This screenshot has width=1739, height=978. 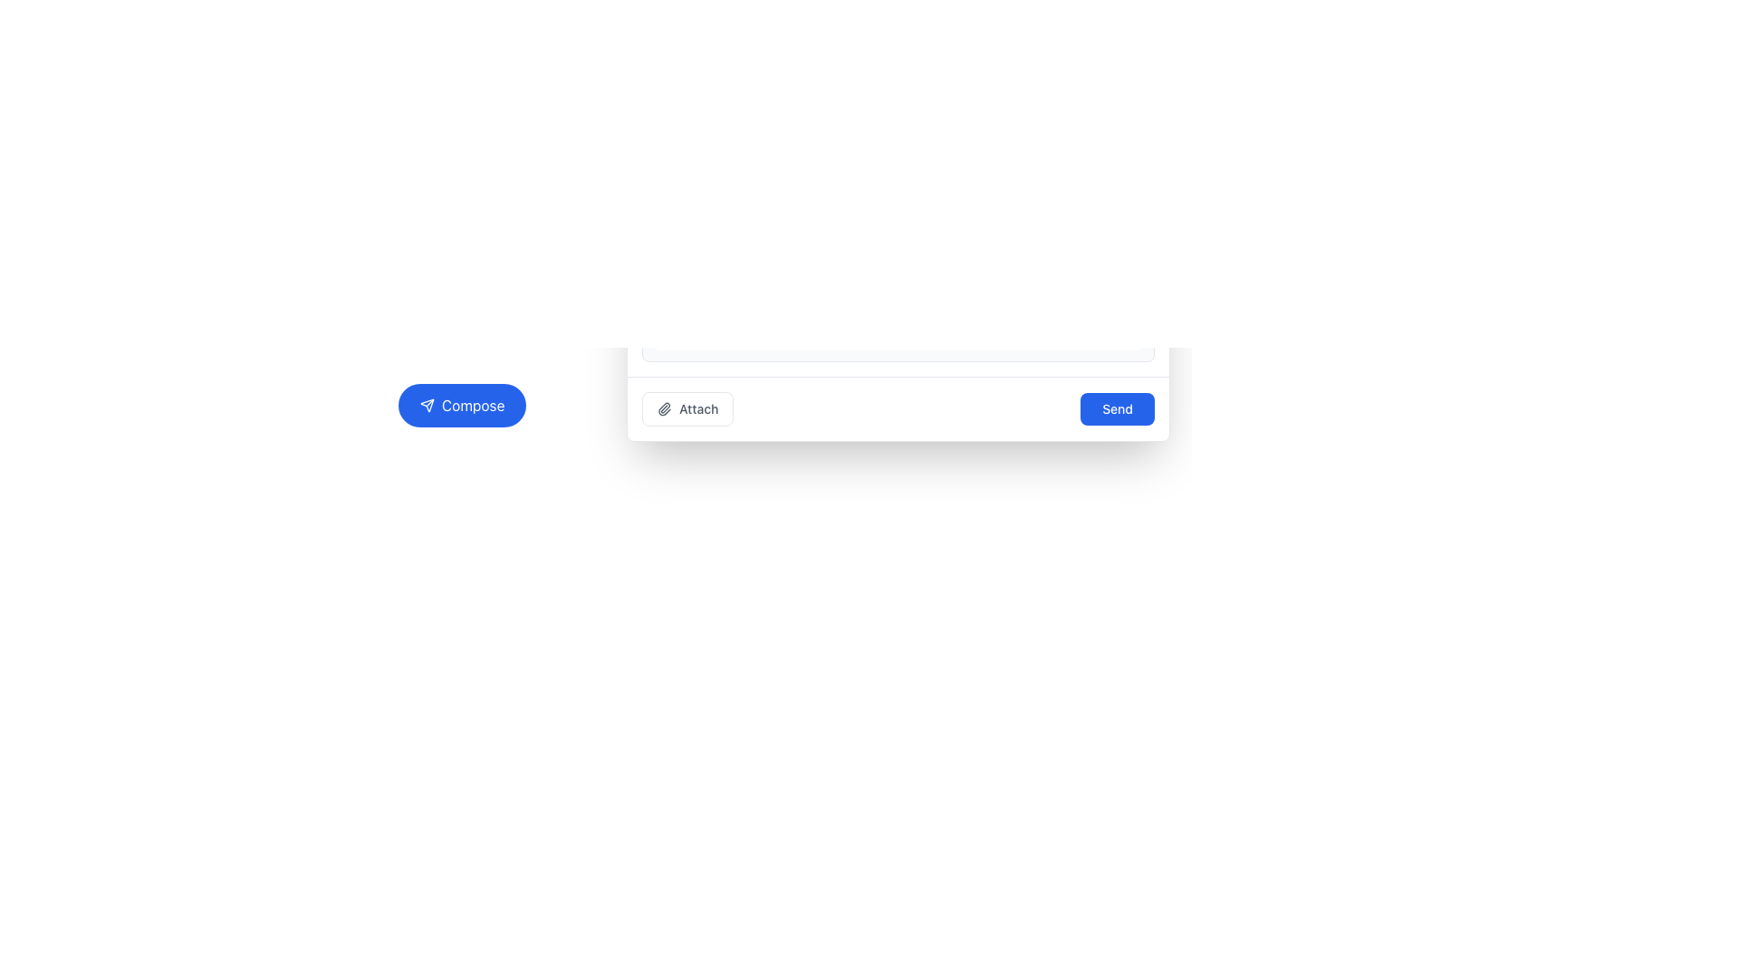 What do you see at coordinates (664, 408) in the screenshot?
I see `the file attachment icon located within the 'Attach' button` at bounding box center [664, 408].